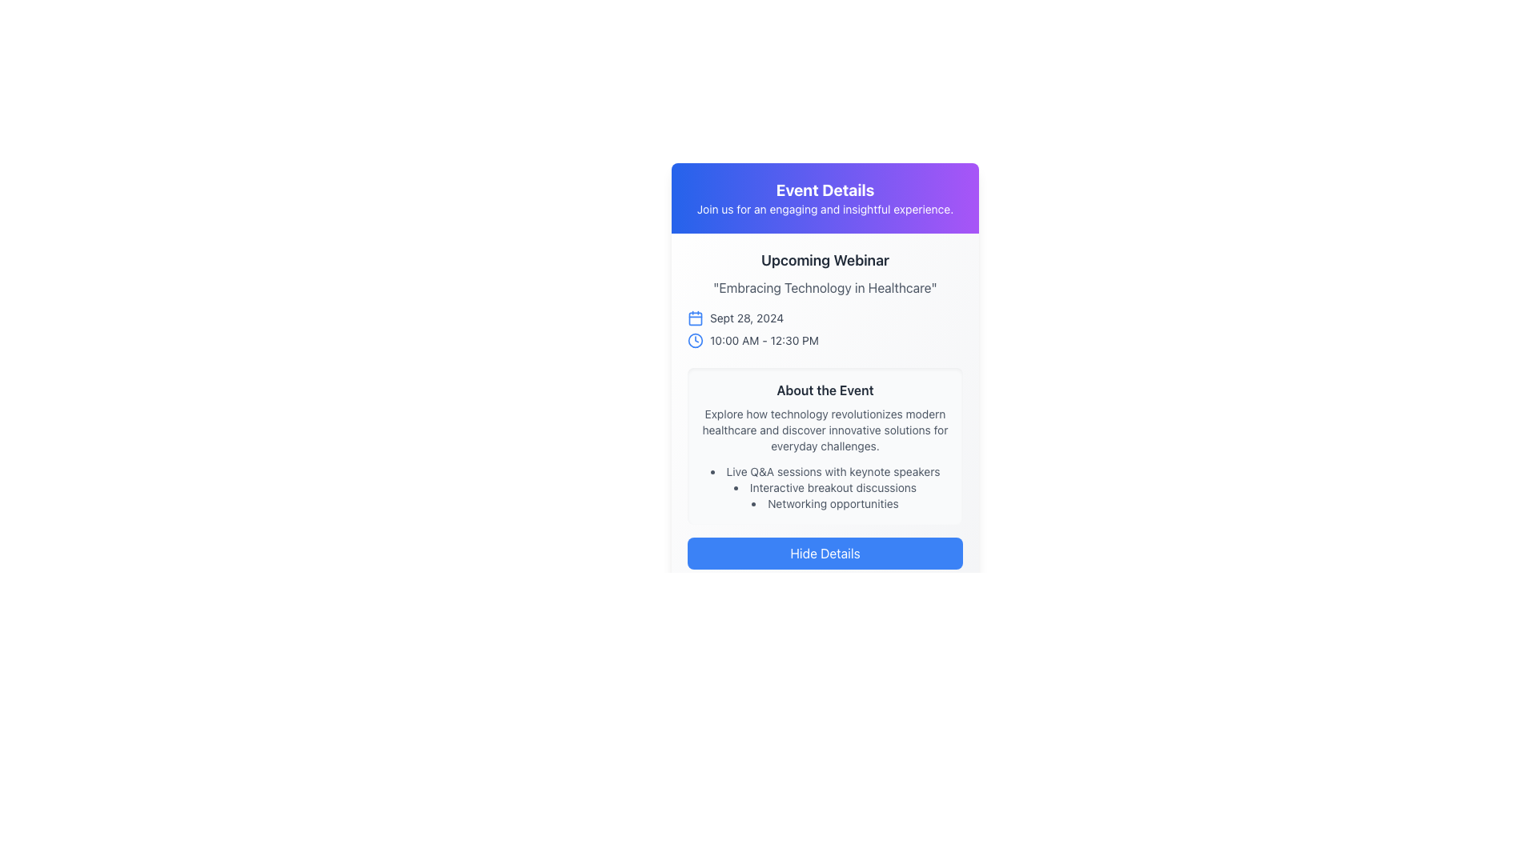 The height and width of the screenshot is (864, 1537). I want to click on the graphical icon that visually represents a time, located to the left of the time range text '10:00 AM - 12:30 PM', so click(695, 339).